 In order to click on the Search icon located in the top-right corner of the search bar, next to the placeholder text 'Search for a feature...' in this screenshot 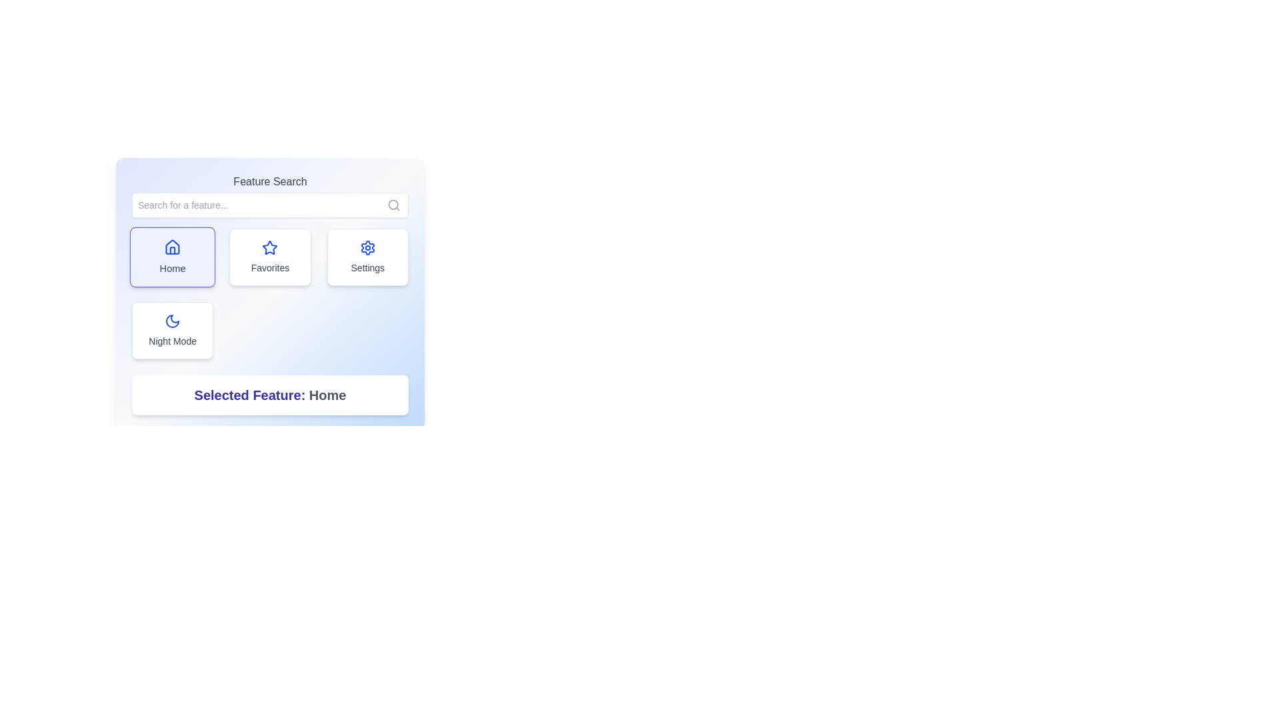, I will do `click(393, 205)`.